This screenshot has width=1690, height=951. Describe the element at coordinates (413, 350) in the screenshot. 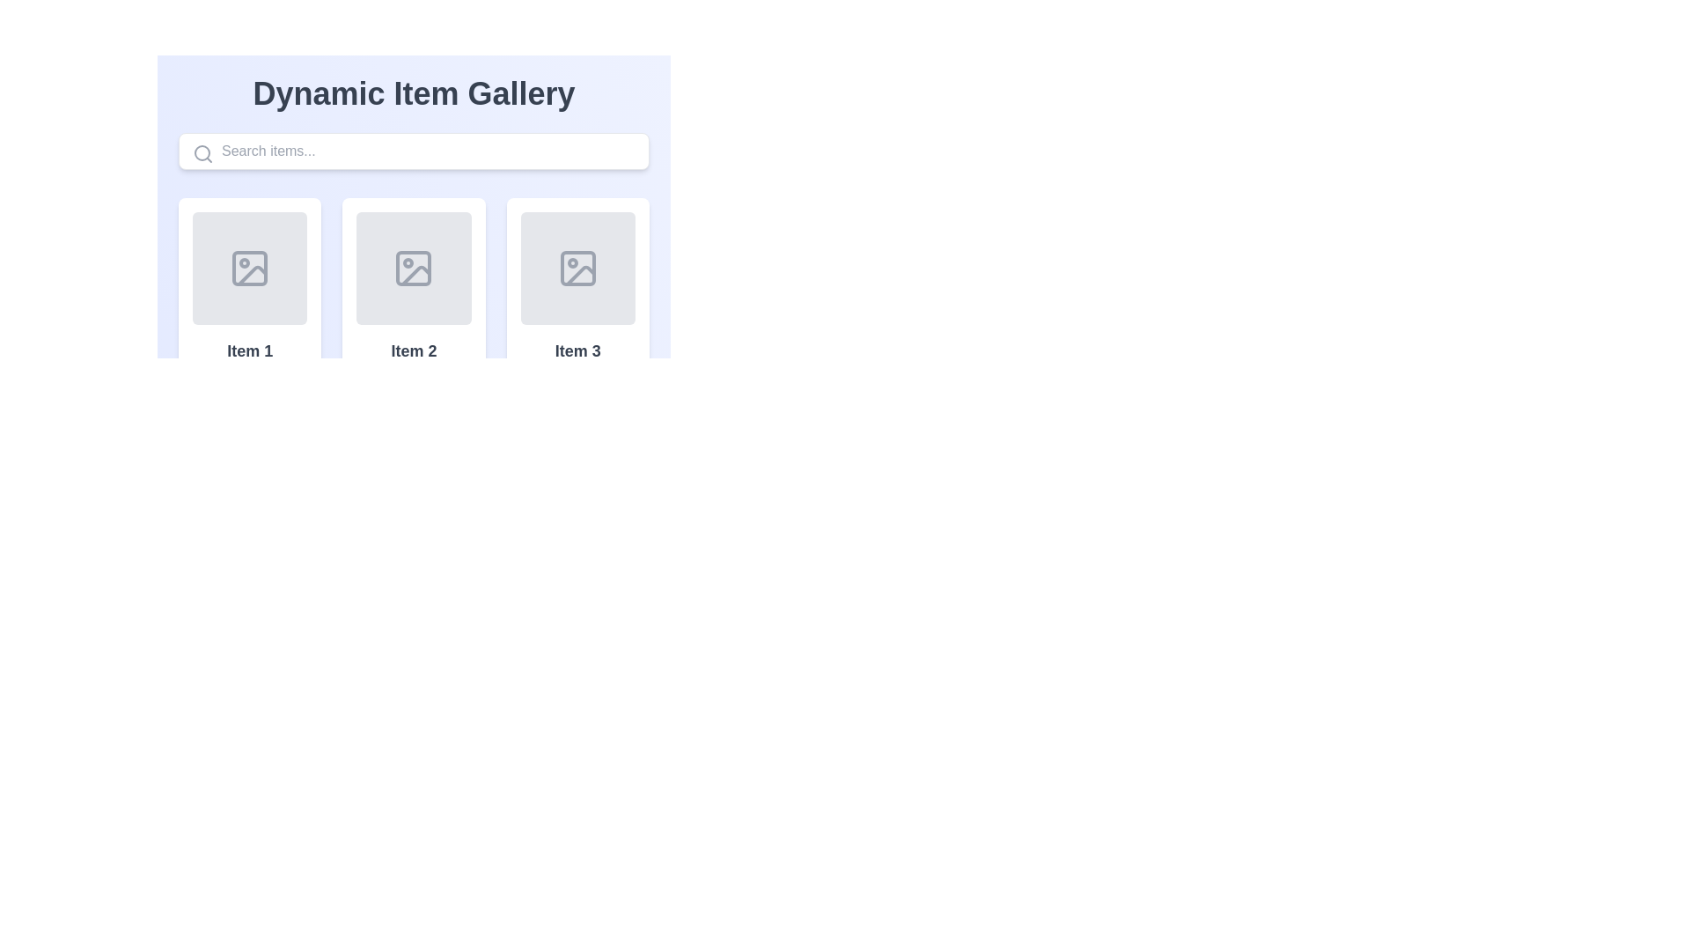

I see `the text label that serves as the title of the second item in a horizontal item grid, positioned directly below the second image placeholder` at that location.